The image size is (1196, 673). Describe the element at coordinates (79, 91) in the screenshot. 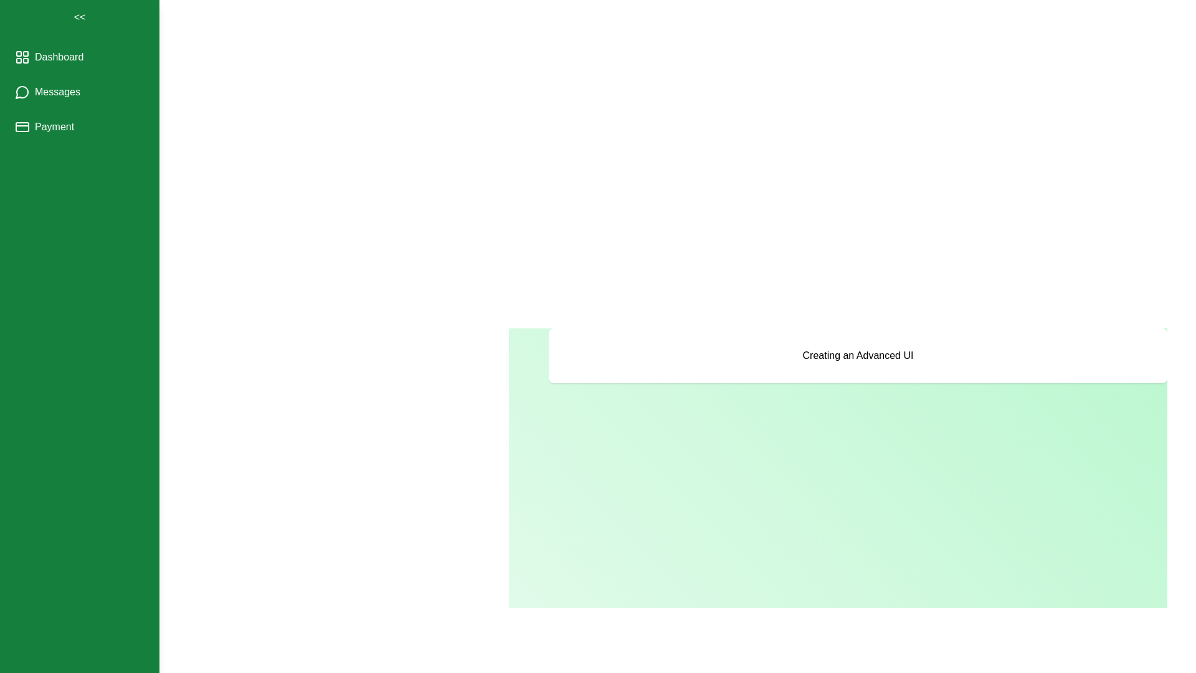

I see `the 'Messages' Text Button with Icon located in the vertical menu of the sidebar, positioned between the 'Dashboard' and 'Payment' items` at that location.